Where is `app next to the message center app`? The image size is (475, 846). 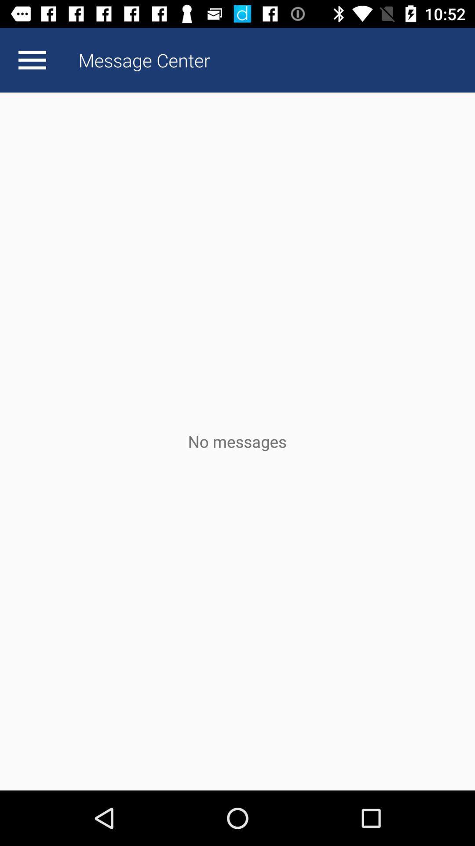
app next to the message center app is located at coordinates (32, 59).